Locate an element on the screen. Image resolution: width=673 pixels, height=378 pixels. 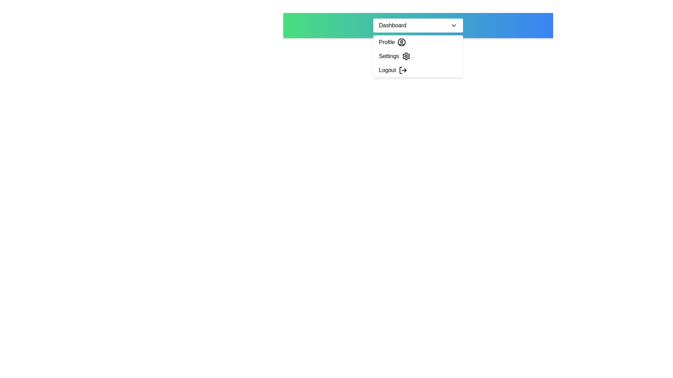
the 'Dashboard' button to toggle the dropdown menu is located at coordinates (418, 25).